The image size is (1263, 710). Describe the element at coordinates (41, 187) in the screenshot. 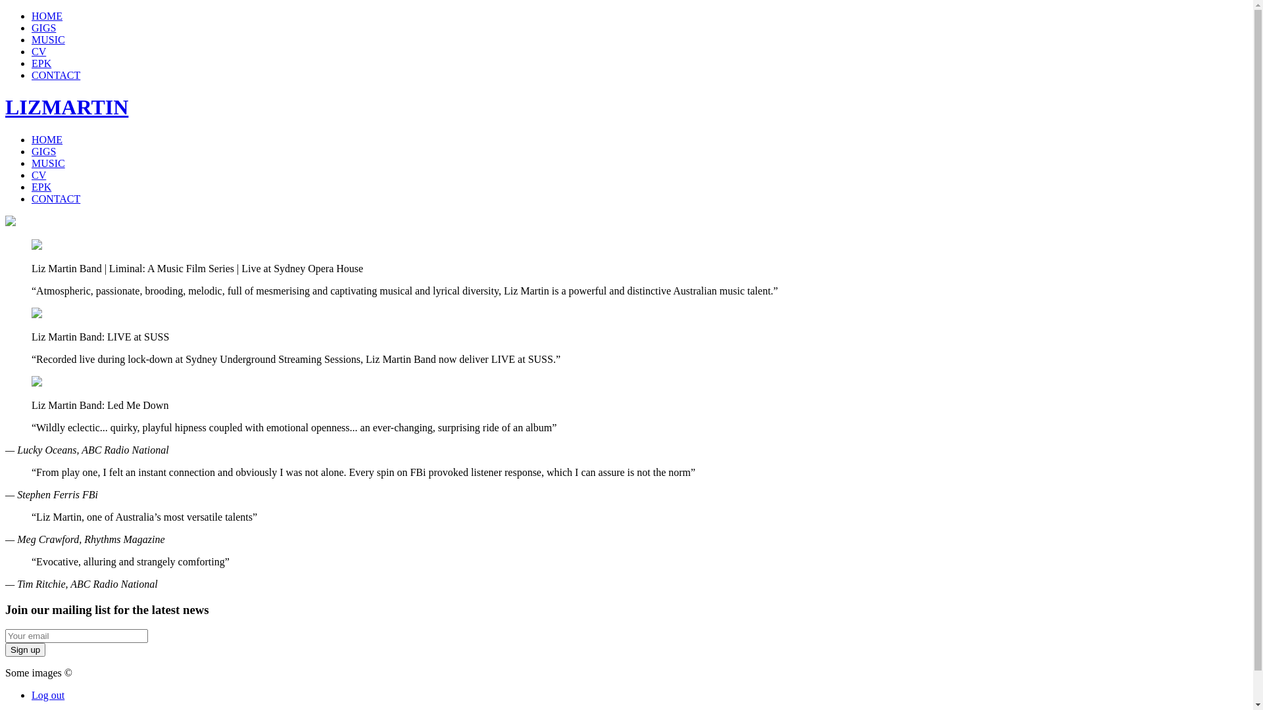

I see `'EPK'` at that location.